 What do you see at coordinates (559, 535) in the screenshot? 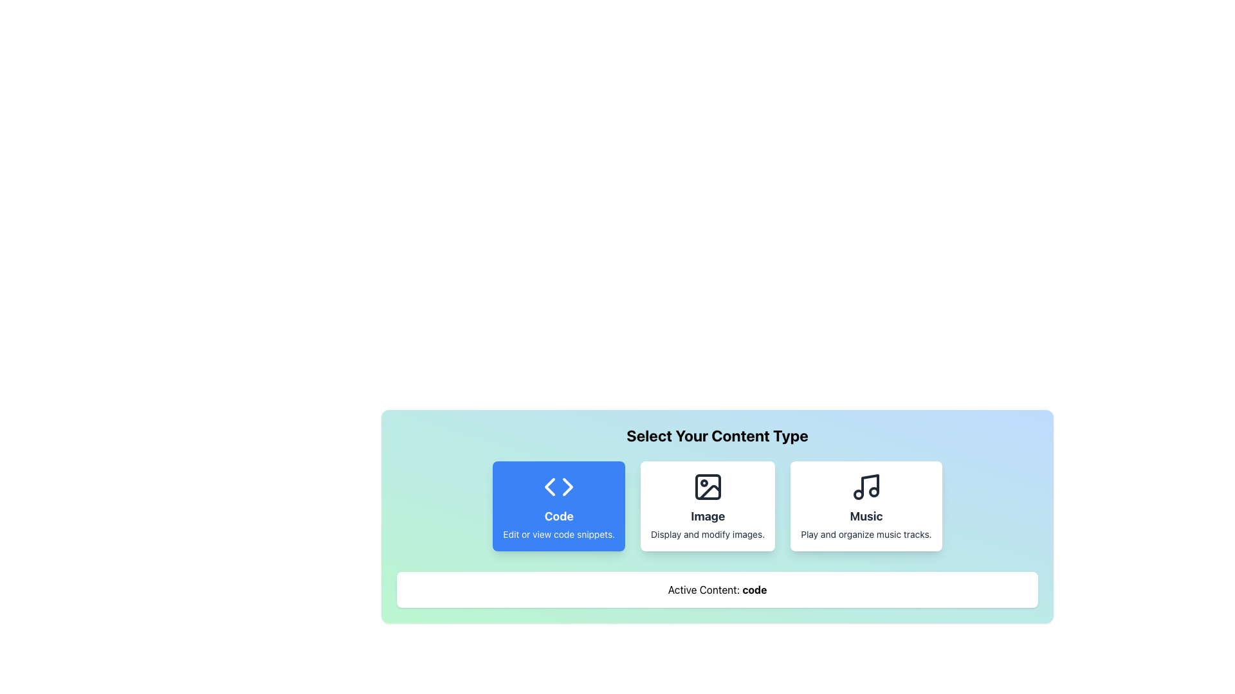
I see `the text element displaying 'Edit or view code snippets.' which is centered in a blue button below the bold 'Code' label` at bounding box center [559, 535].